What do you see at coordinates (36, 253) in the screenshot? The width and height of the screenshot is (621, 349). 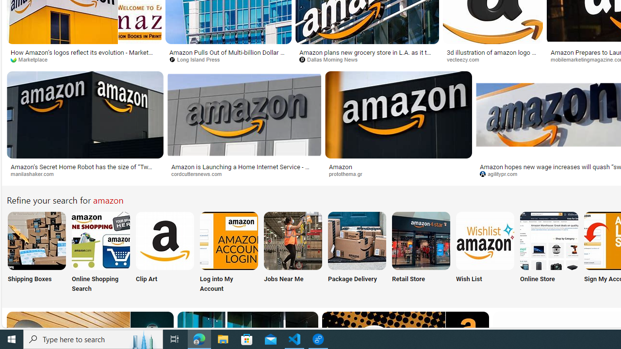 I see `'Amazon Shipping Boxes Shipping Boxes'` at bounding box center [36, 253].